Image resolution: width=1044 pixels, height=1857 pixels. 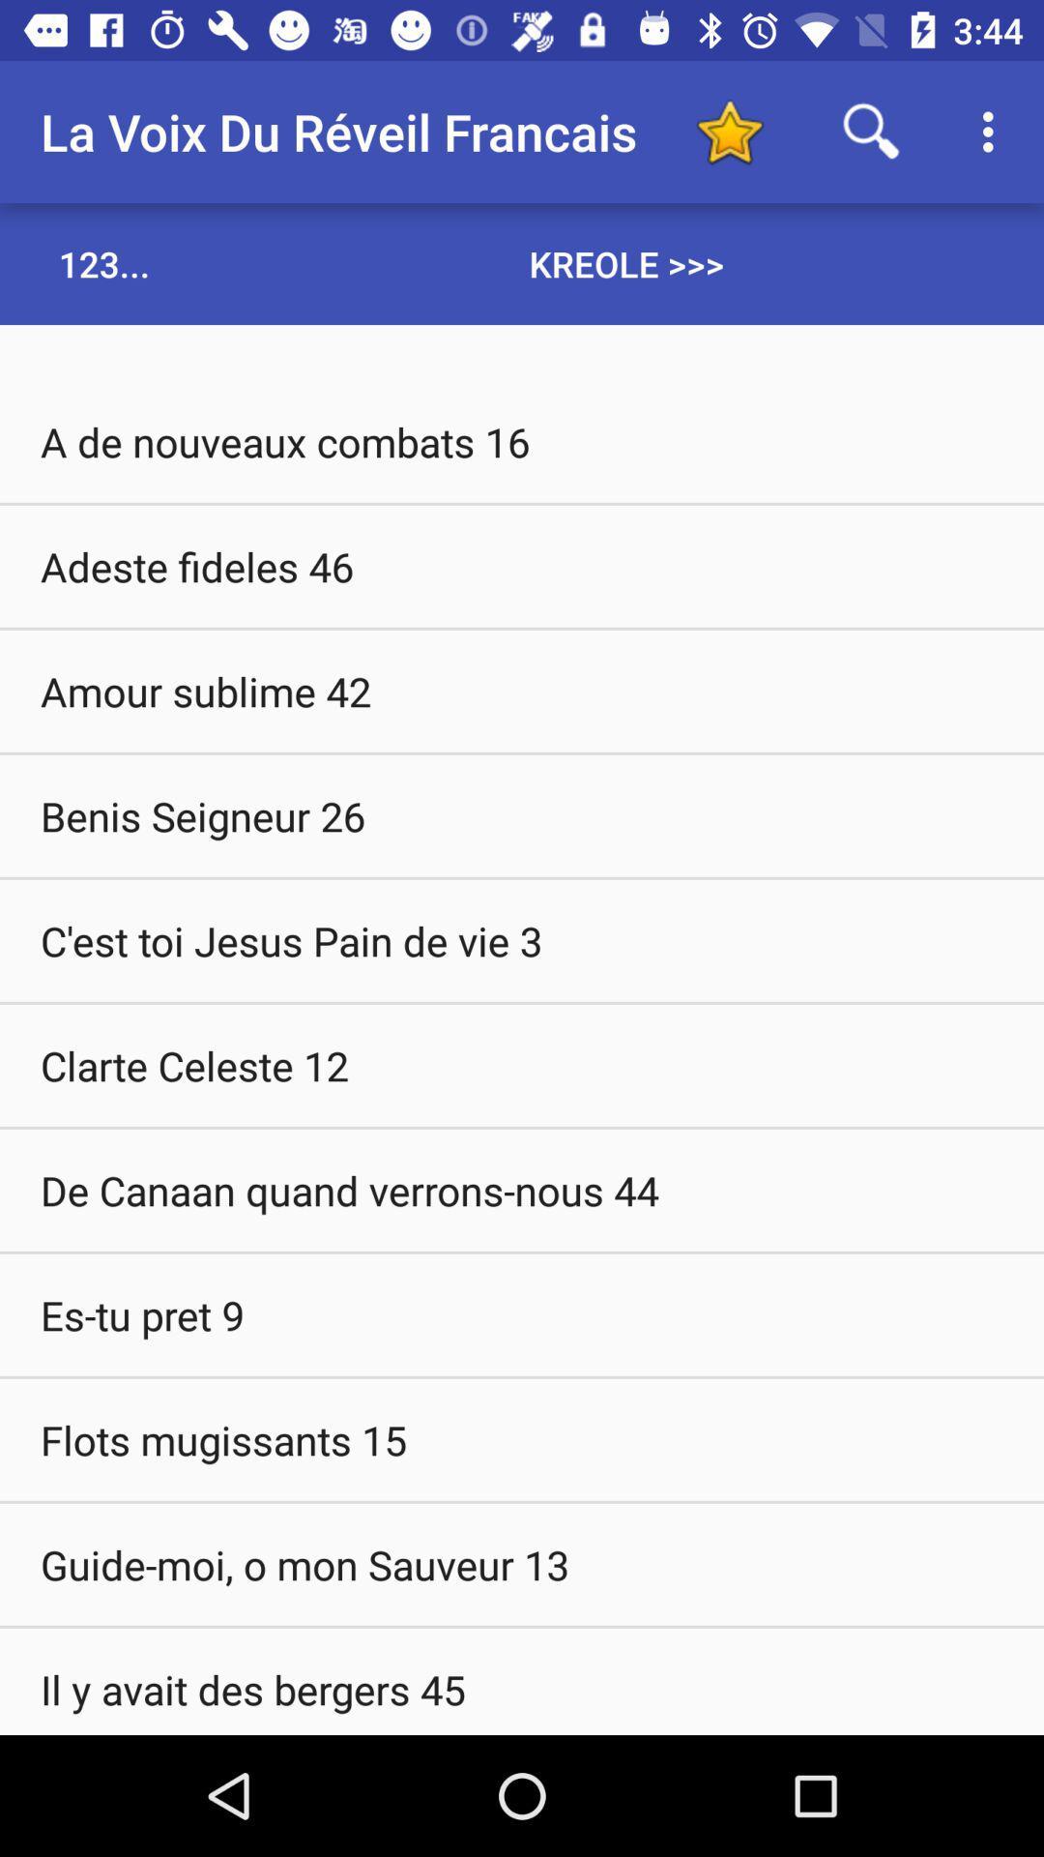 What do you see at coordinates (522, 691) in the screenshot?
I see `item above the benis seigneur 26` at bounding box center [522, 691].